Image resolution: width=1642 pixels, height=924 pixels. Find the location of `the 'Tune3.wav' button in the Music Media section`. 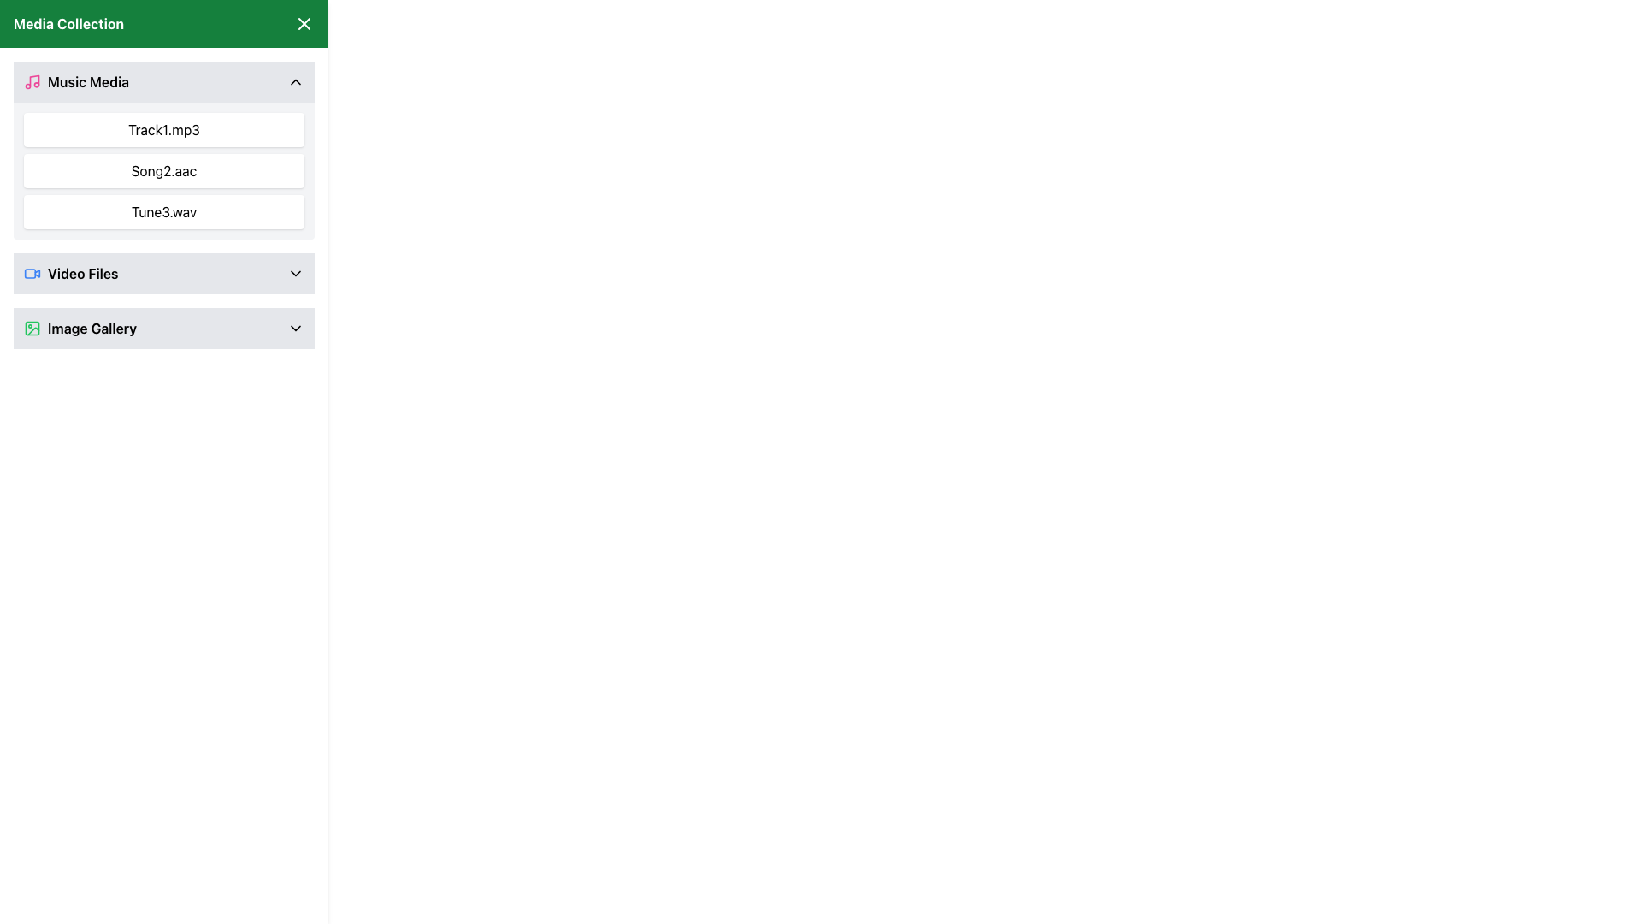

the 'Tune3.wav' button in the Music Media section is located at coordinates (164, 210).